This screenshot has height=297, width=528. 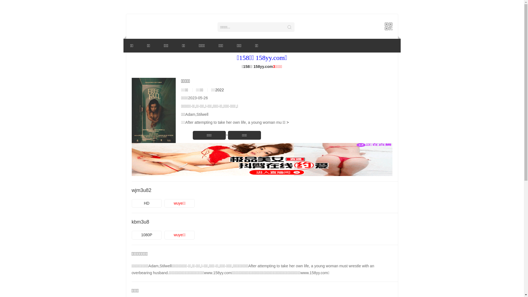 What do you see at coordinates (219, 90) in the screenshot?
I see `'2022'` at bounding box center [219, 90].